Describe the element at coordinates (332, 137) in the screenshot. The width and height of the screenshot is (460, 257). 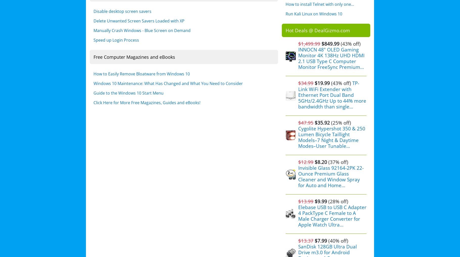
I see `'Cygolite Hypershot 350 & 250 Lumen Bicycle Taillight Models–7 Night & Daytime Modes–User Tunable...'` at that location.